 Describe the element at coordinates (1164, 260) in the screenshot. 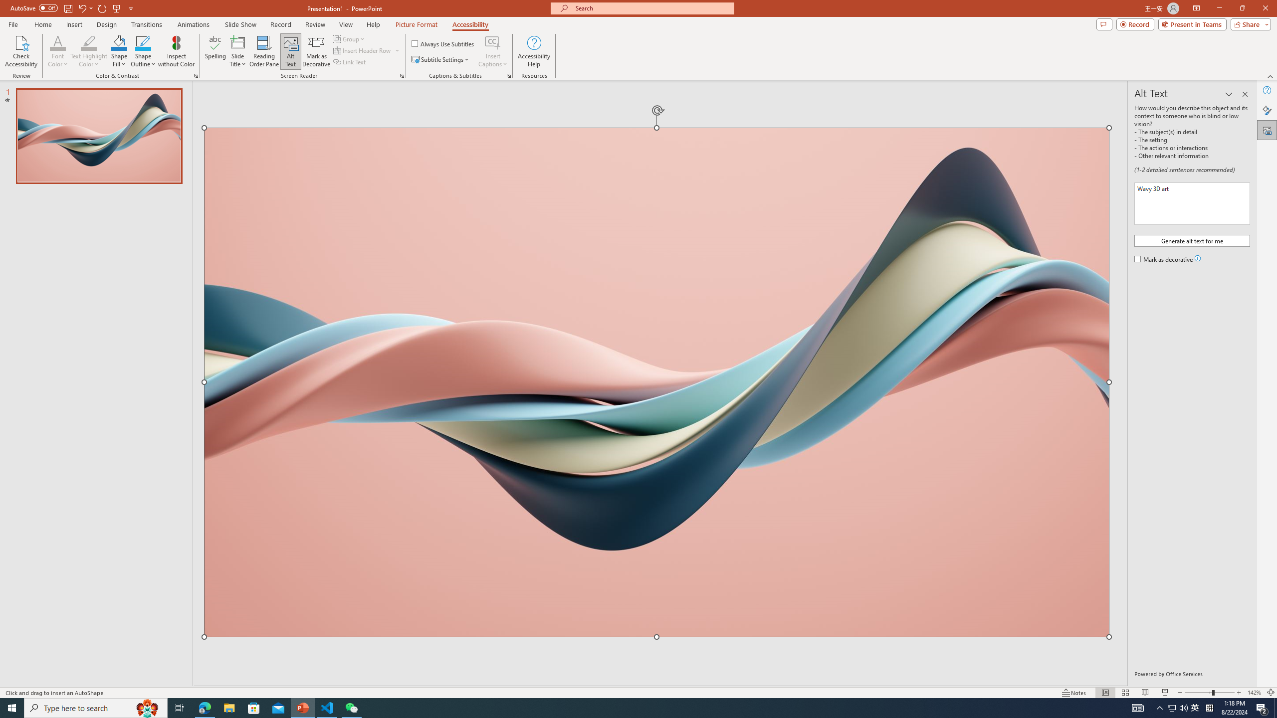

I see `'Mark as decorative'` at that location.